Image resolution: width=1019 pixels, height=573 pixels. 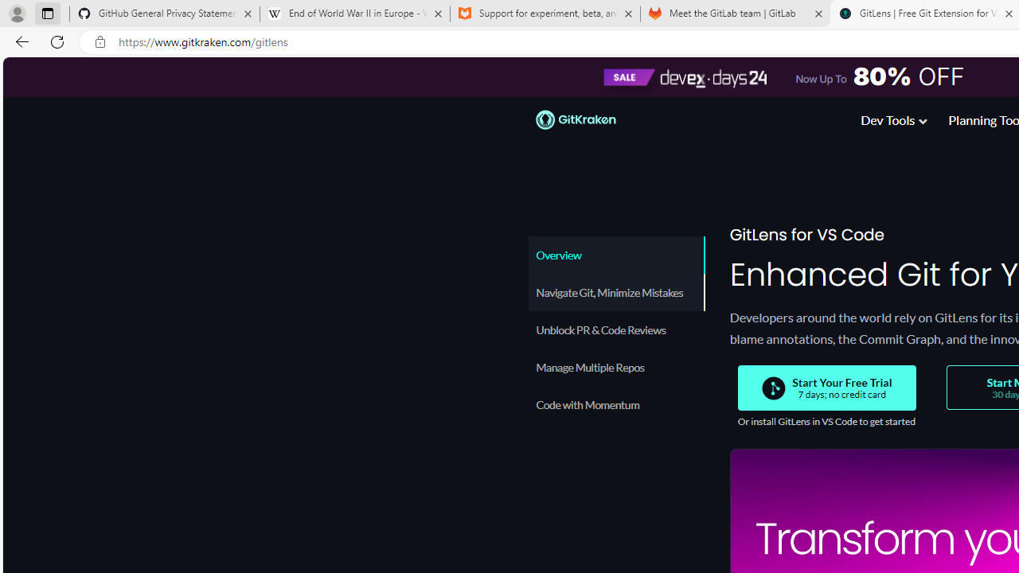 What do you see at coordinates (165, 14) in the screenshot?
I see `'GitHub General Privacy Statement - GitHub Docs'` at bounding box center [165, 14].